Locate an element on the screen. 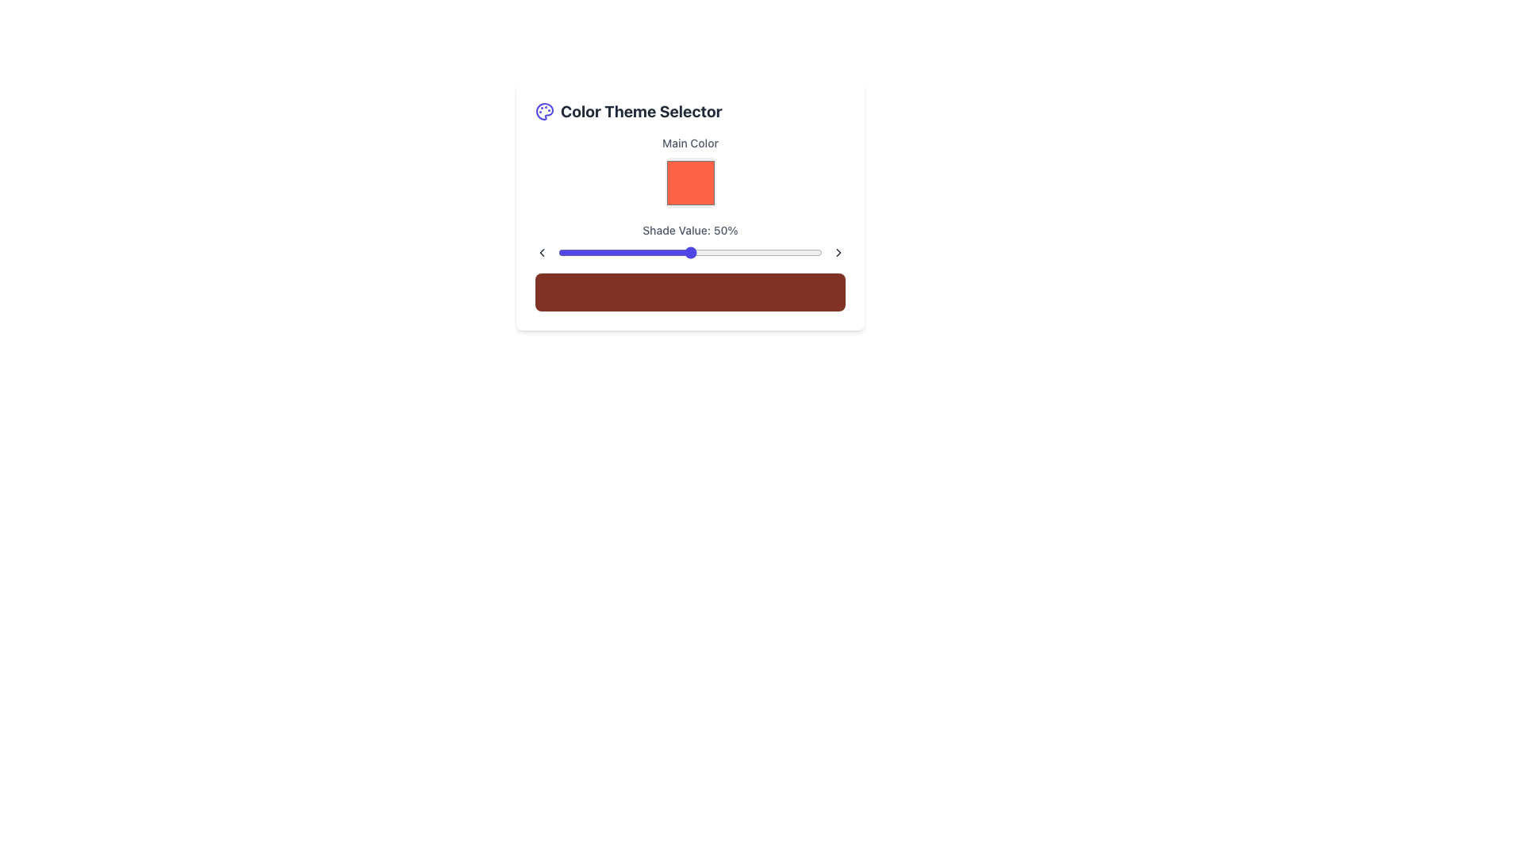  the decorative color selection icon located in the top-left corner of the 'Color Theme Selector' card interface is located at coordinates (544, 111).